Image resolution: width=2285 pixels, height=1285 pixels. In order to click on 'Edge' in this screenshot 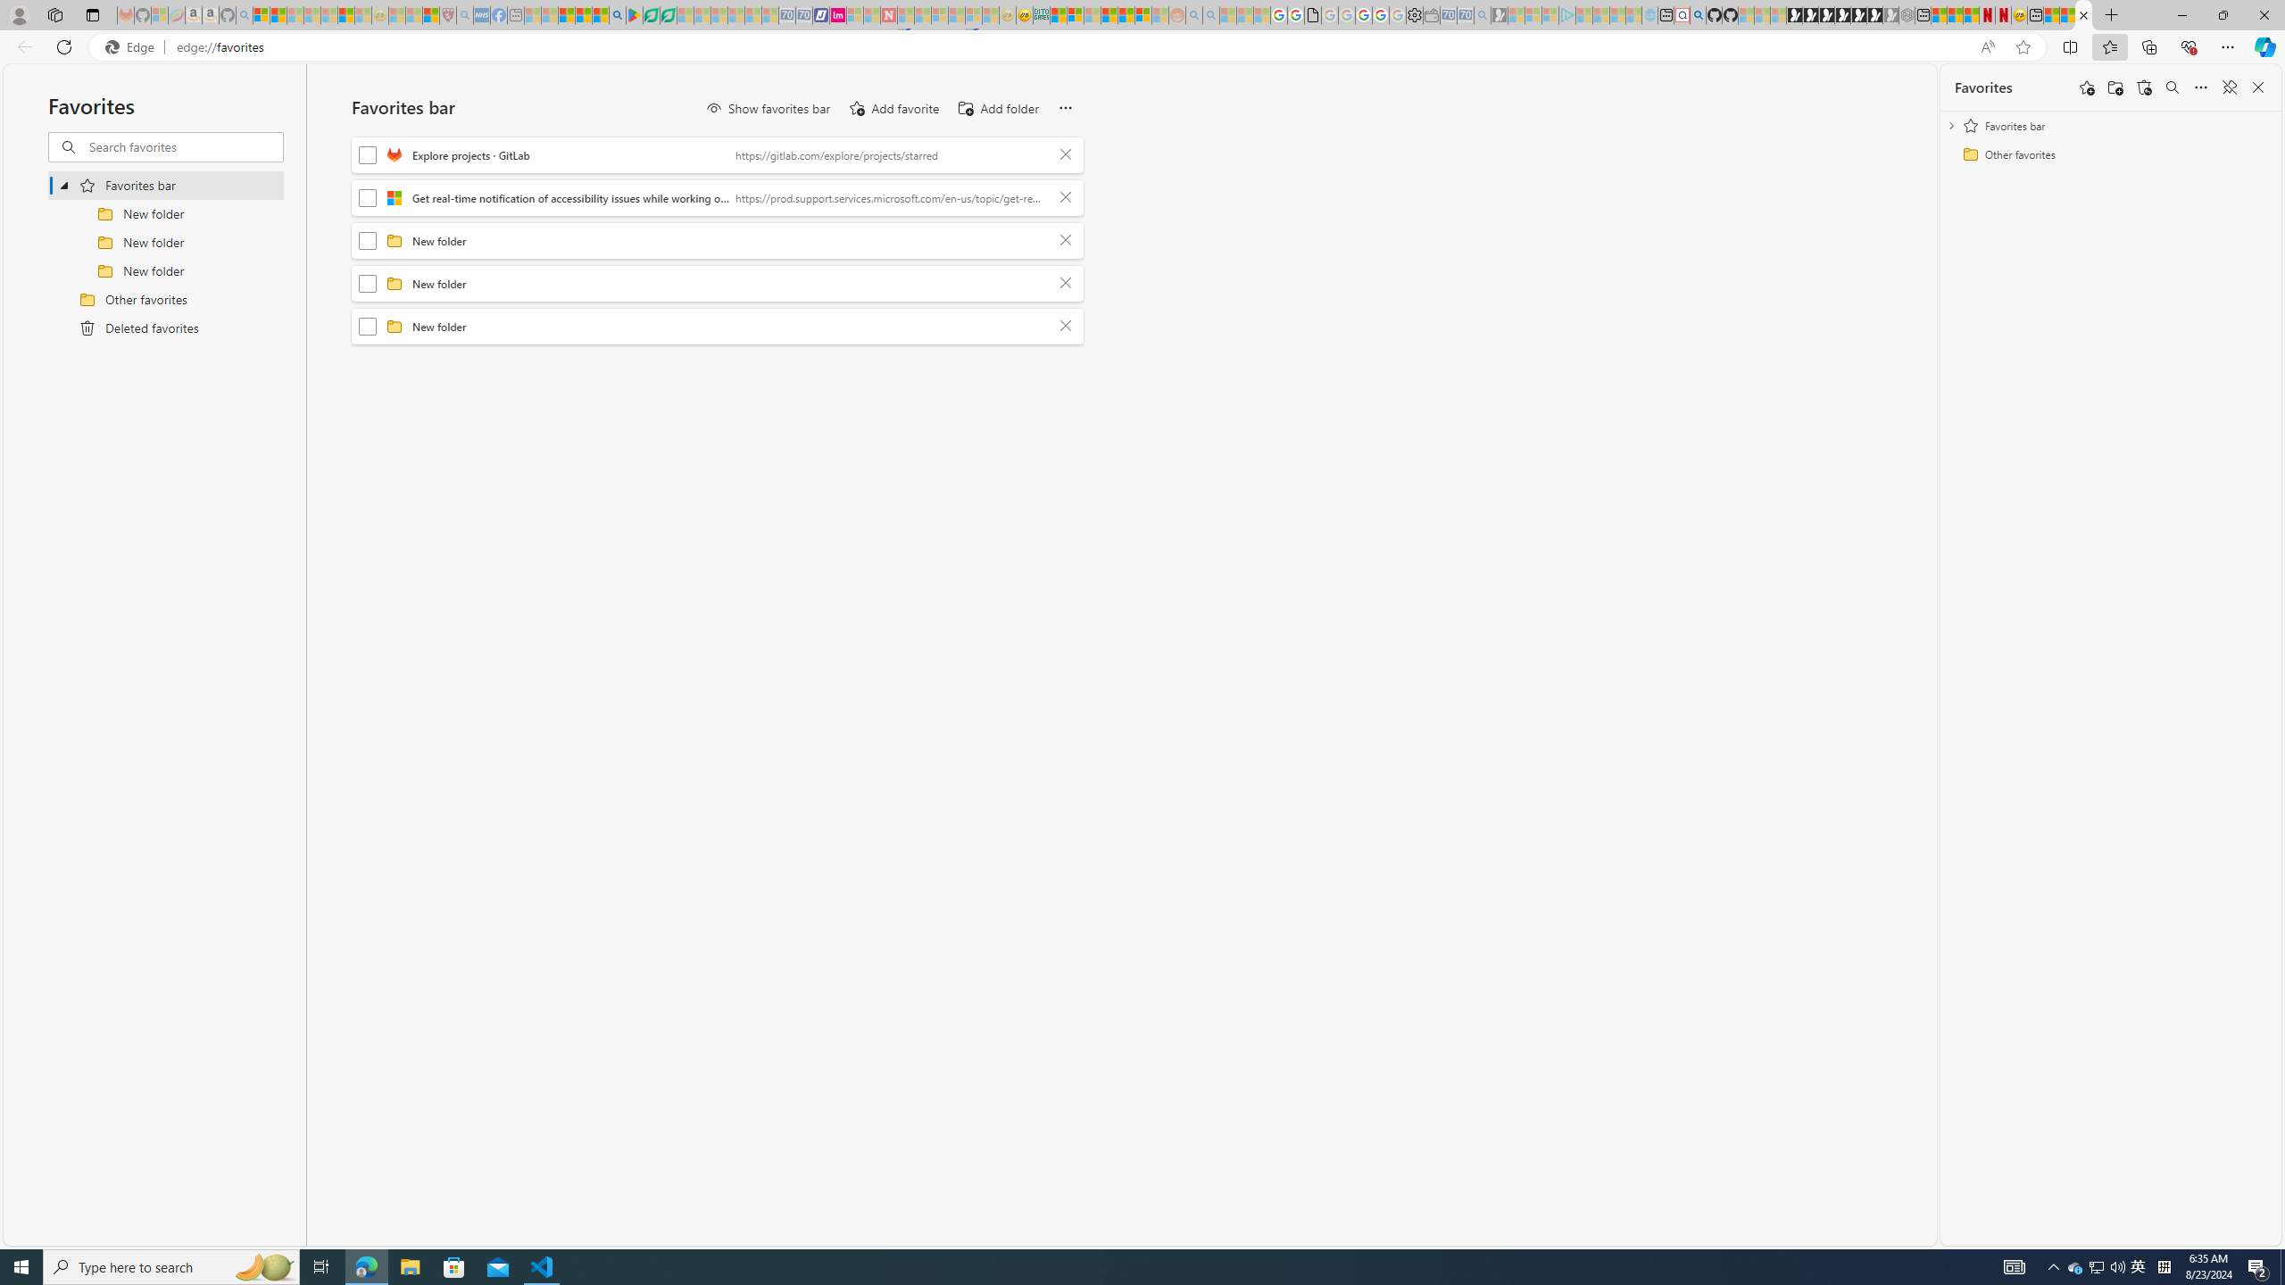, I will do `click(132, 47)`.